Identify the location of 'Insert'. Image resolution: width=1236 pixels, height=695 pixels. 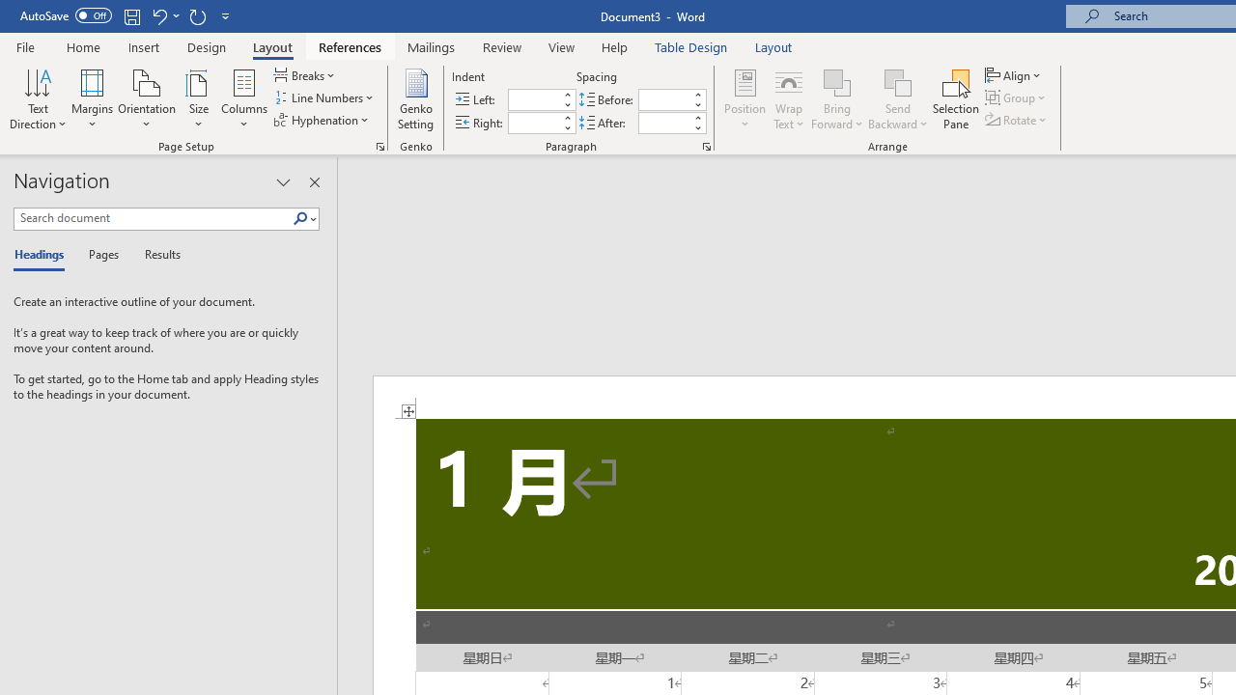
(143, 46).